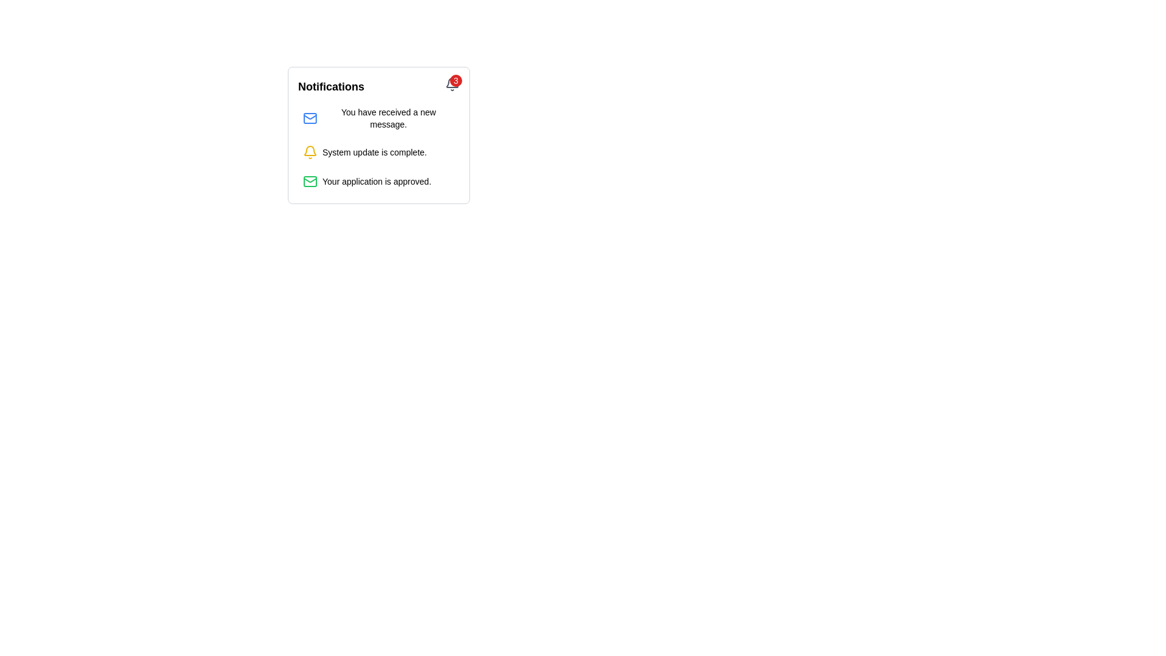 This screenshot has height=656, width=1166. I want to click on the bell icon that serves as a visual indicator for notifications, located to the left of the text 'System update is complete.', so click(310, 151).